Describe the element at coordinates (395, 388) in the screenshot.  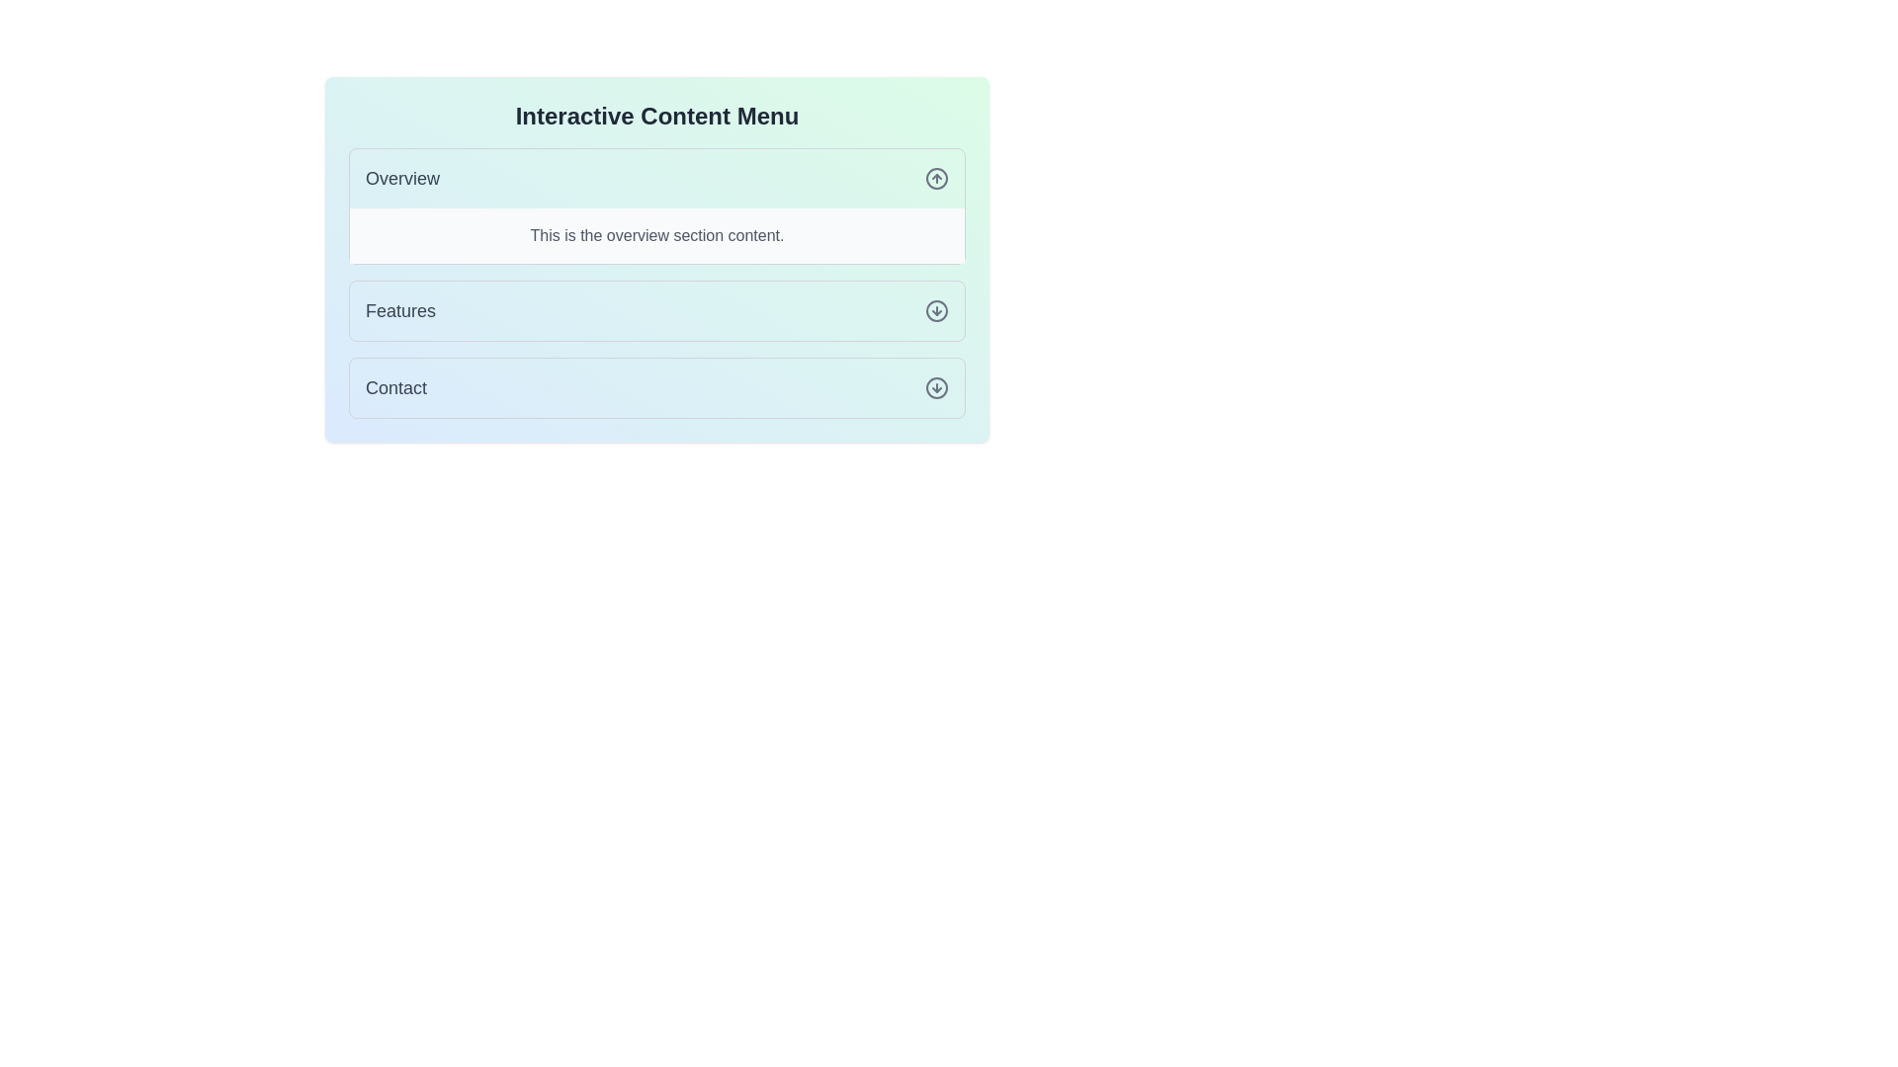
I see `the 'Contact' text label in the vertical menu` at that location.